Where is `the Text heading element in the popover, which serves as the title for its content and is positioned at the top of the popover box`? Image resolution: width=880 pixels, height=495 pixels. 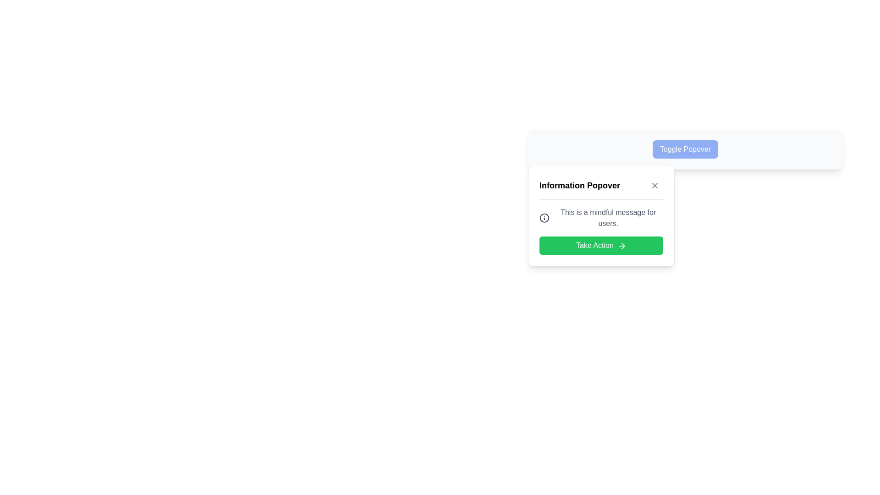 the Text heading element in the popover, which serves as the title for its content and is positioned at the top of the popover box is located at coordinates (601, 188).